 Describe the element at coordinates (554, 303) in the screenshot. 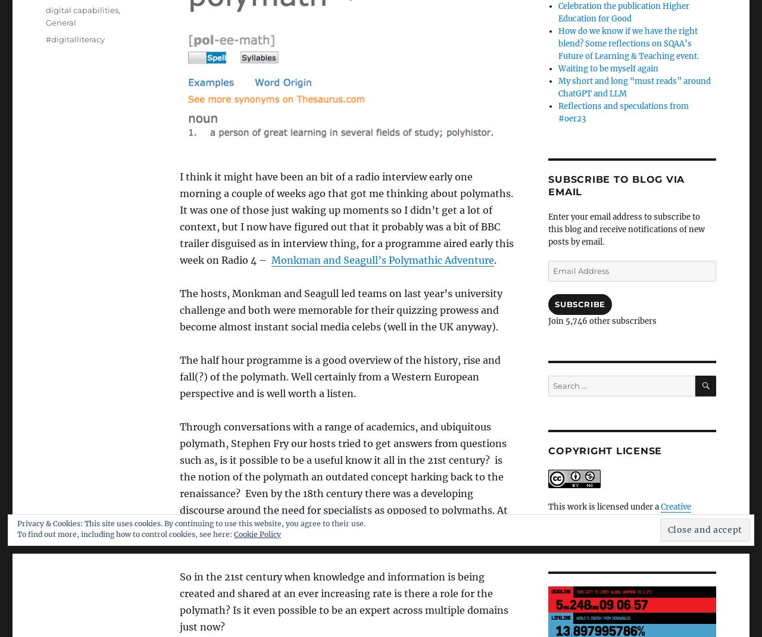

I see `'Subscribe'` at that location.